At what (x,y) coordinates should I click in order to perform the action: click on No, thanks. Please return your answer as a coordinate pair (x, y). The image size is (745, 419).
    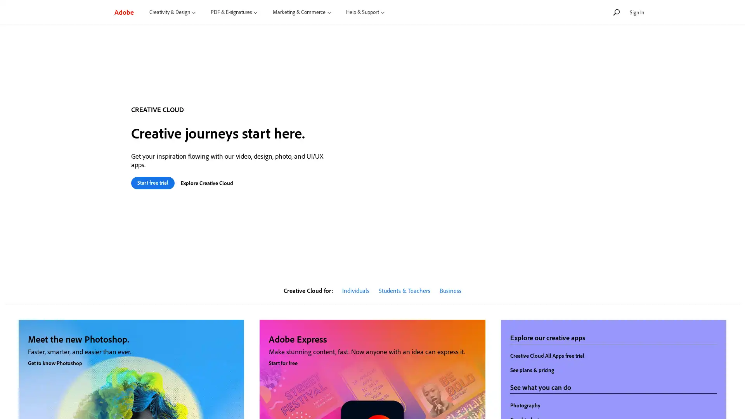
    Looking at the image, I should click on (162, 396).